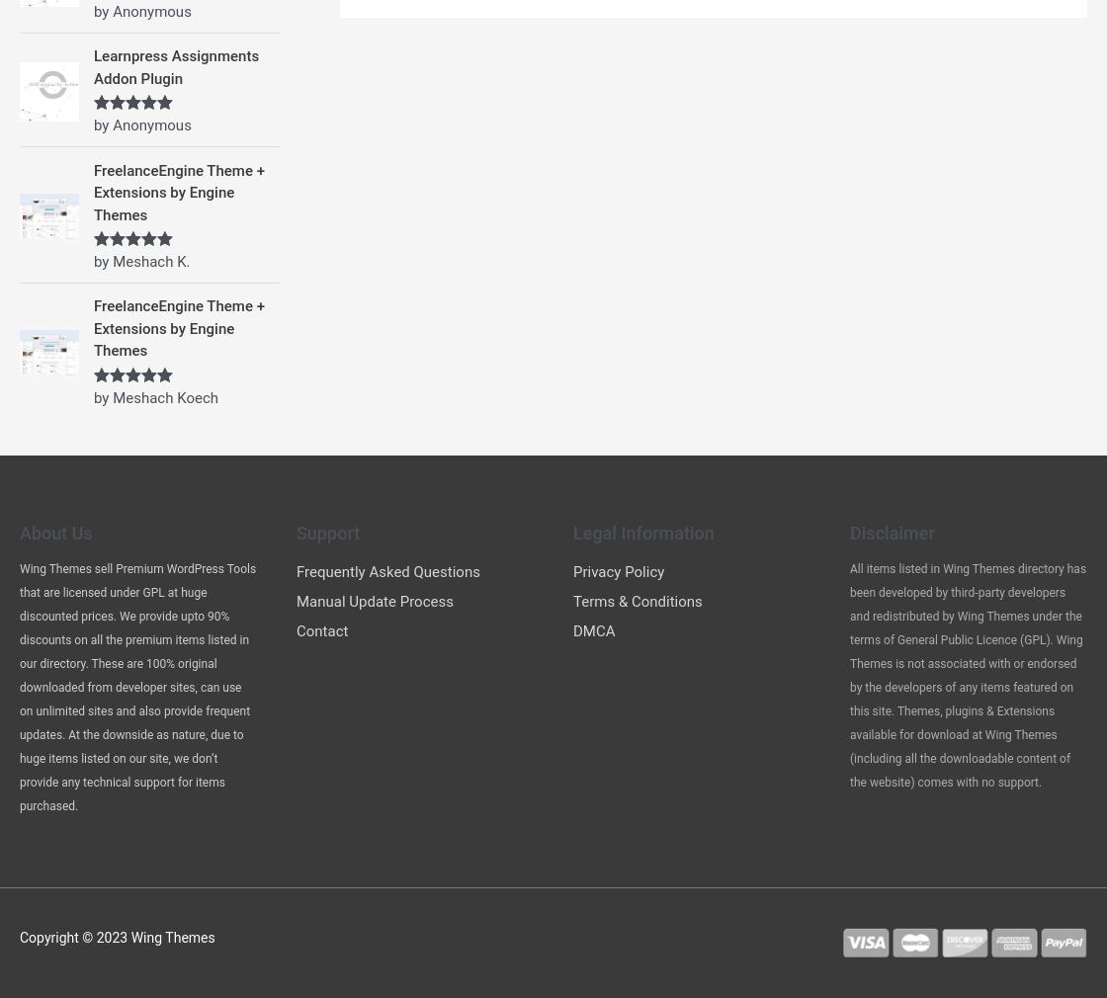 Image resolution: width=1107 pixels, height=998 pixels. What do you see at coordinates (638, 600) in the screenshot?
I see `'Terms & Conditions'` at bounding box center [638, 600].